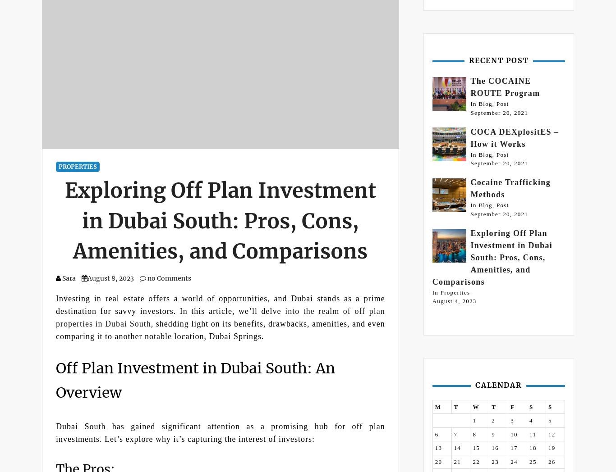 The width and height of the screenshot is (616, 472). What do you see at coordinates (220, 329) in the screenshot?
I see `', shedding light on its benefits, drawbacks, amenities, and even comparing it to another notable location, Dubai Springs.'` at bounding box center [220, 329].